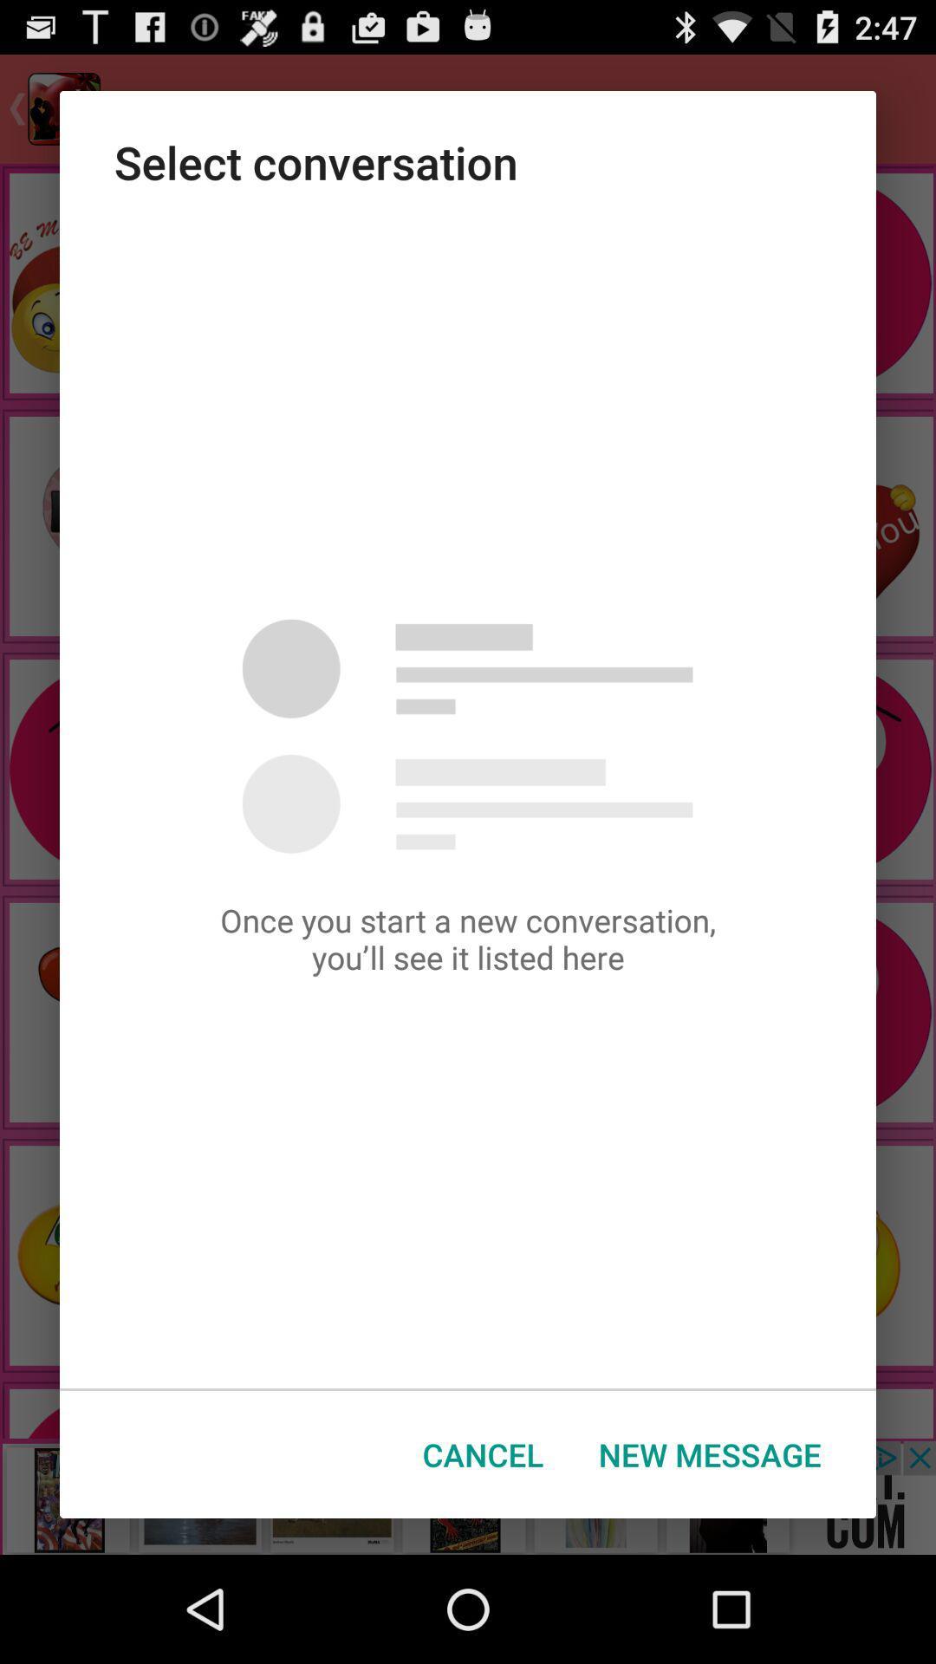 The image size is (936, 1664). I want to click on the new message, so click(710, 1454).